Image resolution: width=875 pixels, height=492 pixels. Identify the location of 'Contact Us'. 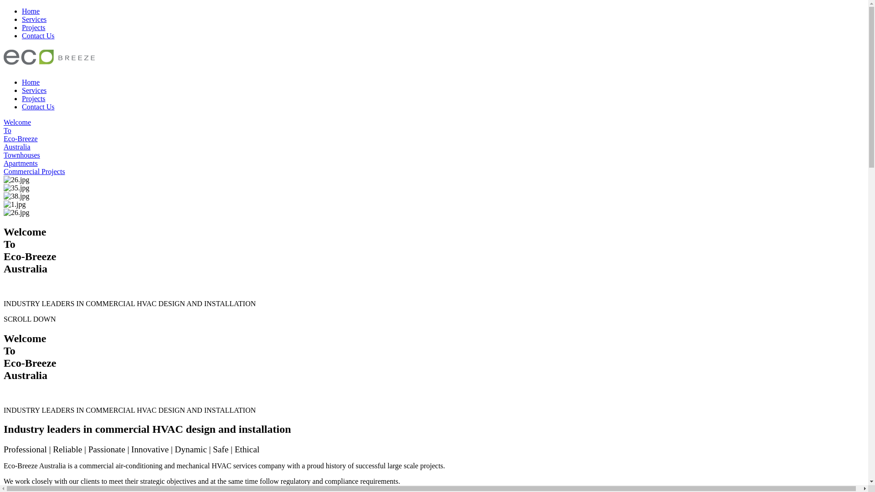
(37, 35).